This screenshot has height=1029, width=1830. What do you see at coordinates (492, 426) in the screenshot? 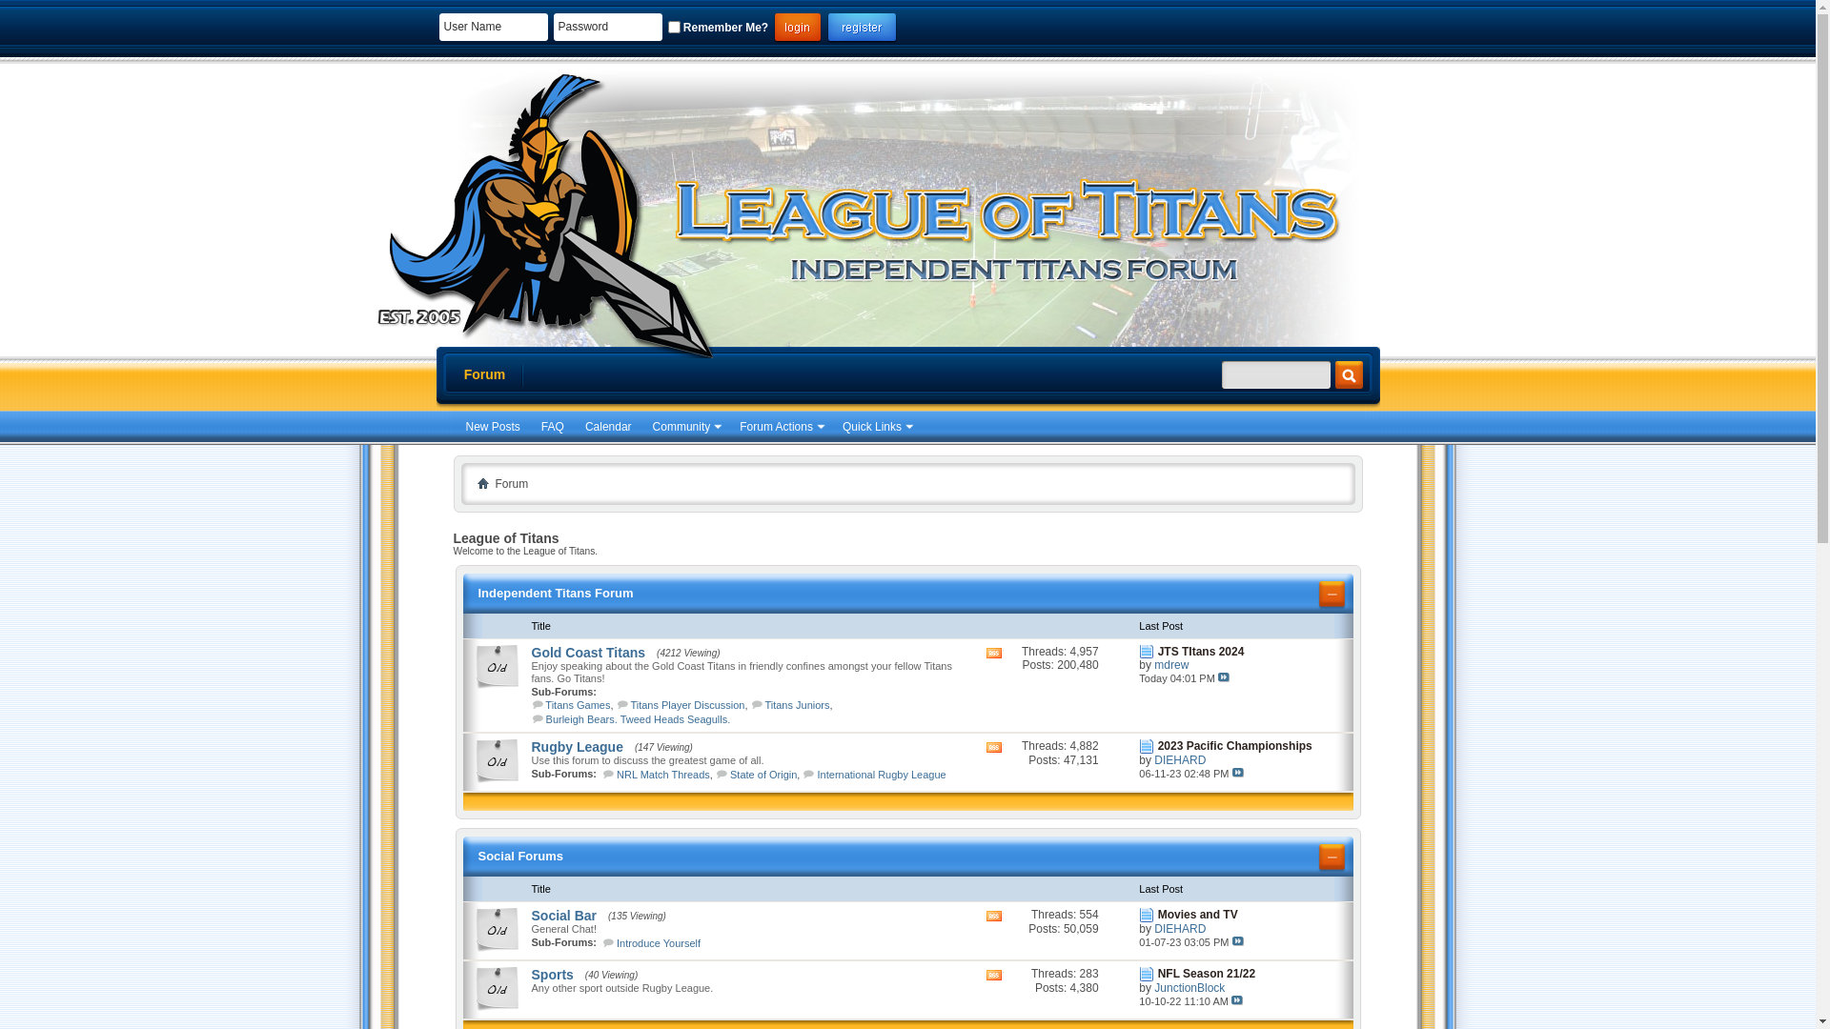
I see `'New Posts'` at bounding box center [492, 426].